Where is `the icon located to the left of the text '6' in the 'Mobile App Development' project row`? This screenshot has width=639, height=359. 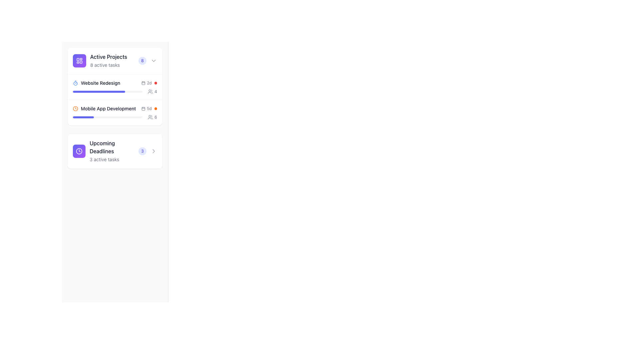
the icon located to the left of the text '6' in the 'Mobile App Development' project row is located at coordinates (150, 117).